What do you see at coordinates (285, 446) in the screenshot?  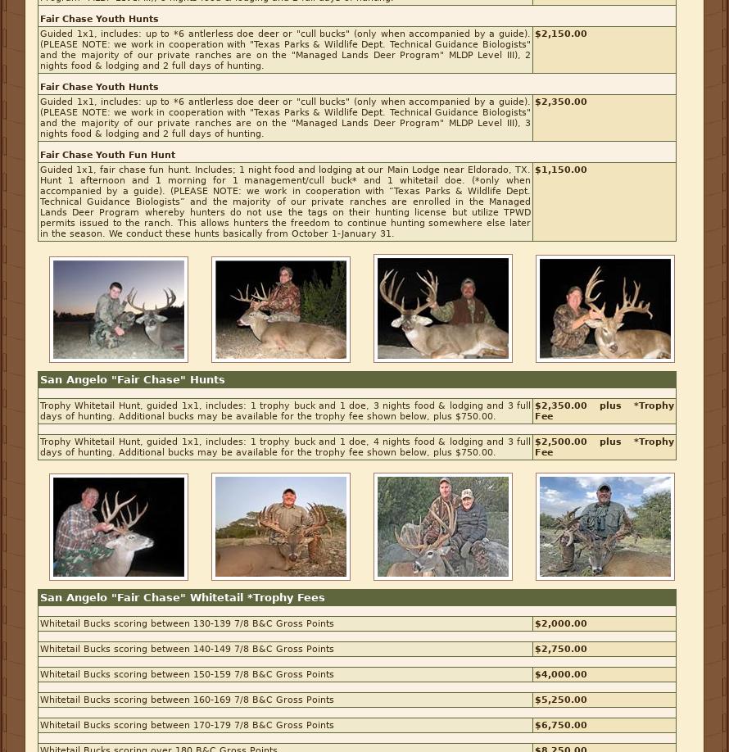 I see `'Trophy Whitetail Hunt, guided 1x1, includes: 1 trophy buck and 1 doe, 4 nights food & lodging and 3 full days of hunting. Additional bucks may be available for the trophy fee shown below, plus $750.00.'` at bounding box center [285, 446].